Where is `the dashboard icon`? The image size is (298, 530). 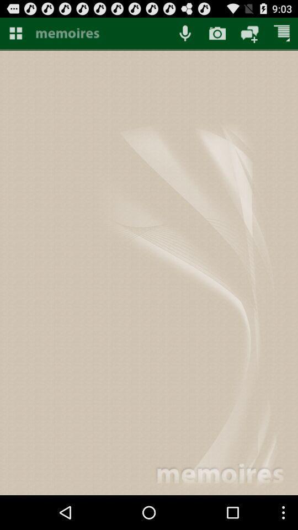
the dashboard icon is located at coordinates (15, 35).